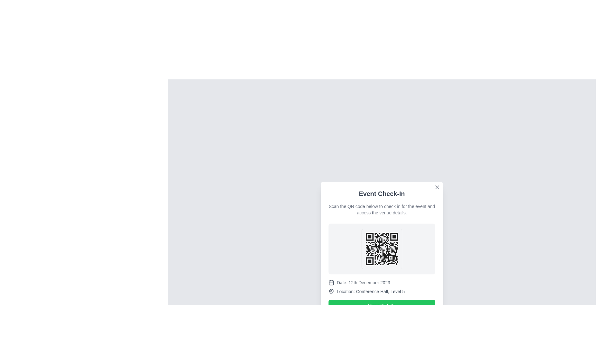 The image size is (610, 343). Describe the element at coordinates (381, 209) in the screenshot. I see `instructions text located below the title 'Event Check-In' within the card layout, which provides information regarding the use of the QR code for event check-in and venue details` at that location.